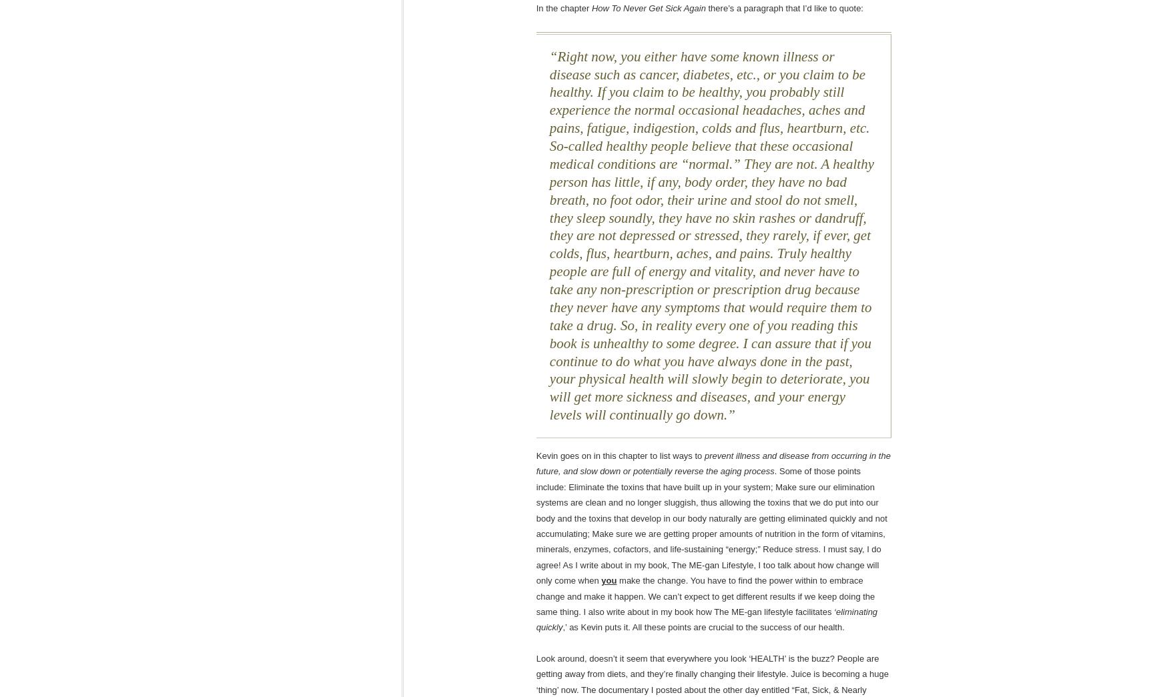 This screenshot has width=1167, height=697. What do you see at coordinates (609, 580) in the screenshot?
I see `'you'` at bounding box center [609, 580].